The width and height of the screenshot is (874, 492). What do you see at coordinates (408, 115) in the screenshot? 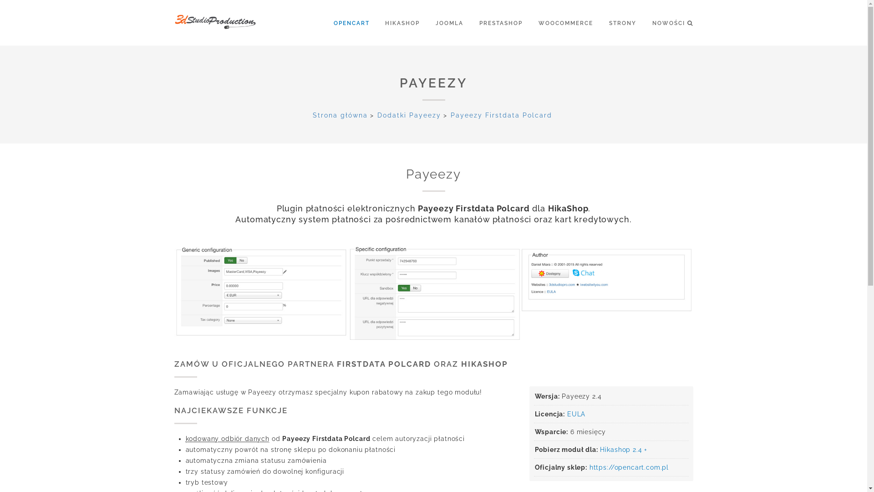
I see `'Dodatki Payeezy'` at bounding box center [408, 115].